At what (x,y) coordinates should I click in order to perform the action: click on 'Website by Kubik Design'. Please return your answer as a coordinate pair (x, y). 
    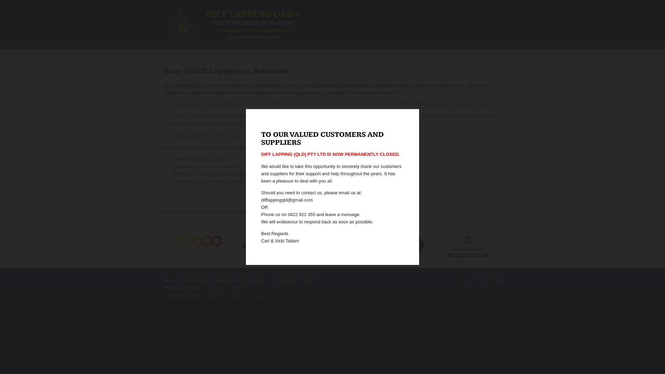
    Looking at the image, I should click on (480, 281).